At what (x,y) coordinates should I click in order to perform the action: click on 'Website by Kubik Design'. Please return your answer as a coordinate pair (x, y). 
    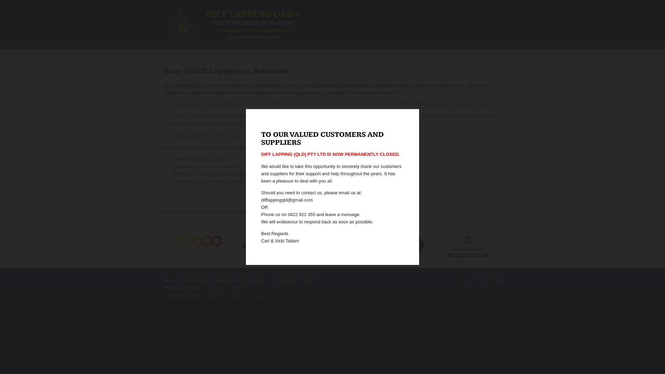
    Looking at the image, I should click on (480, 281).